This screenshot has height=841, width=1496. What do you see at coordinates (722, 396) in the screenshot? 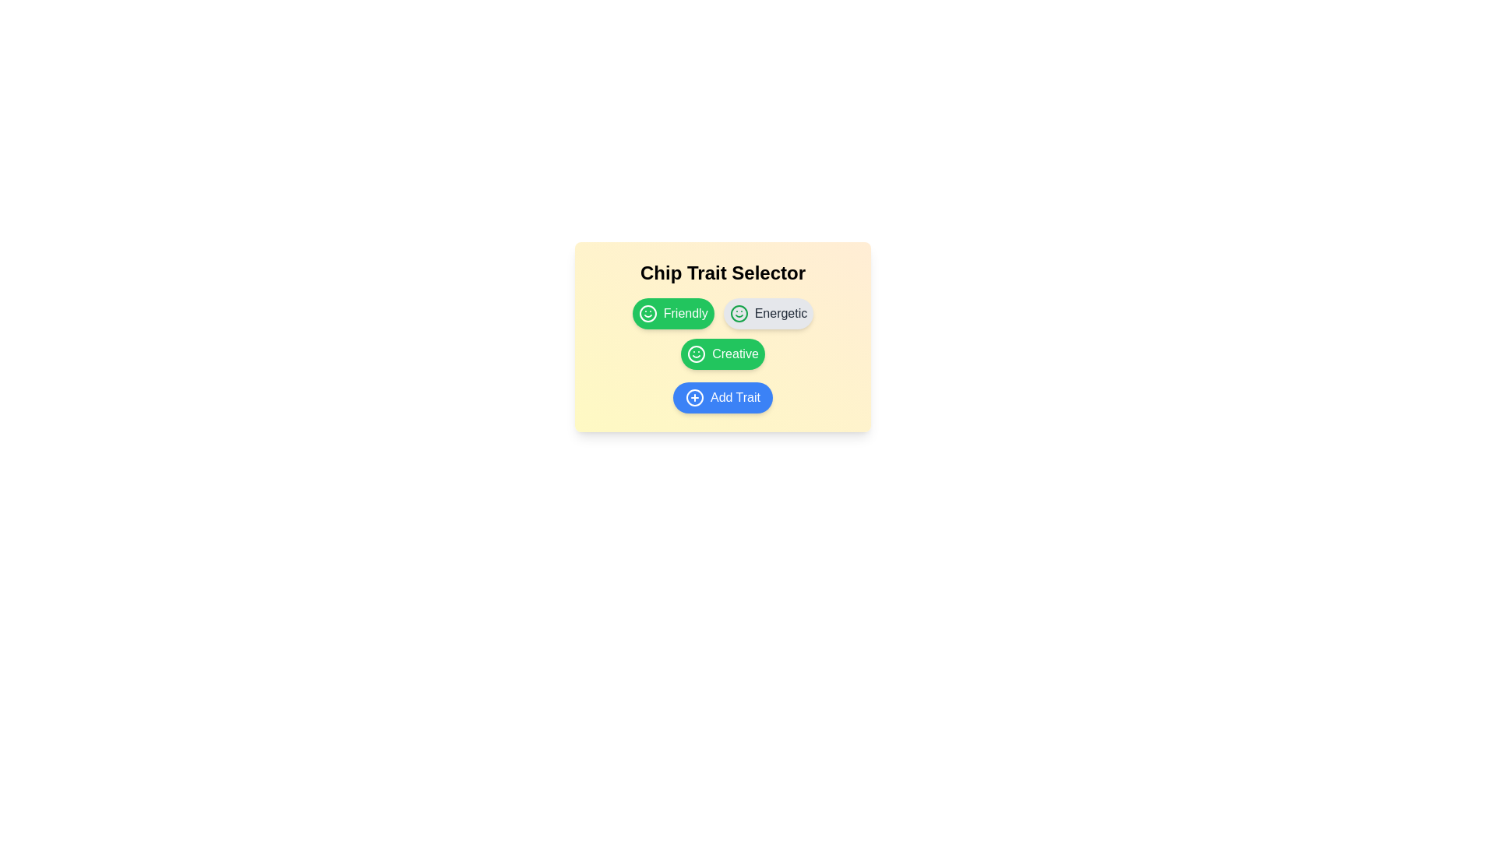
I see `'Add Trait' button to add a new chip` at bounding box center [722, 396].